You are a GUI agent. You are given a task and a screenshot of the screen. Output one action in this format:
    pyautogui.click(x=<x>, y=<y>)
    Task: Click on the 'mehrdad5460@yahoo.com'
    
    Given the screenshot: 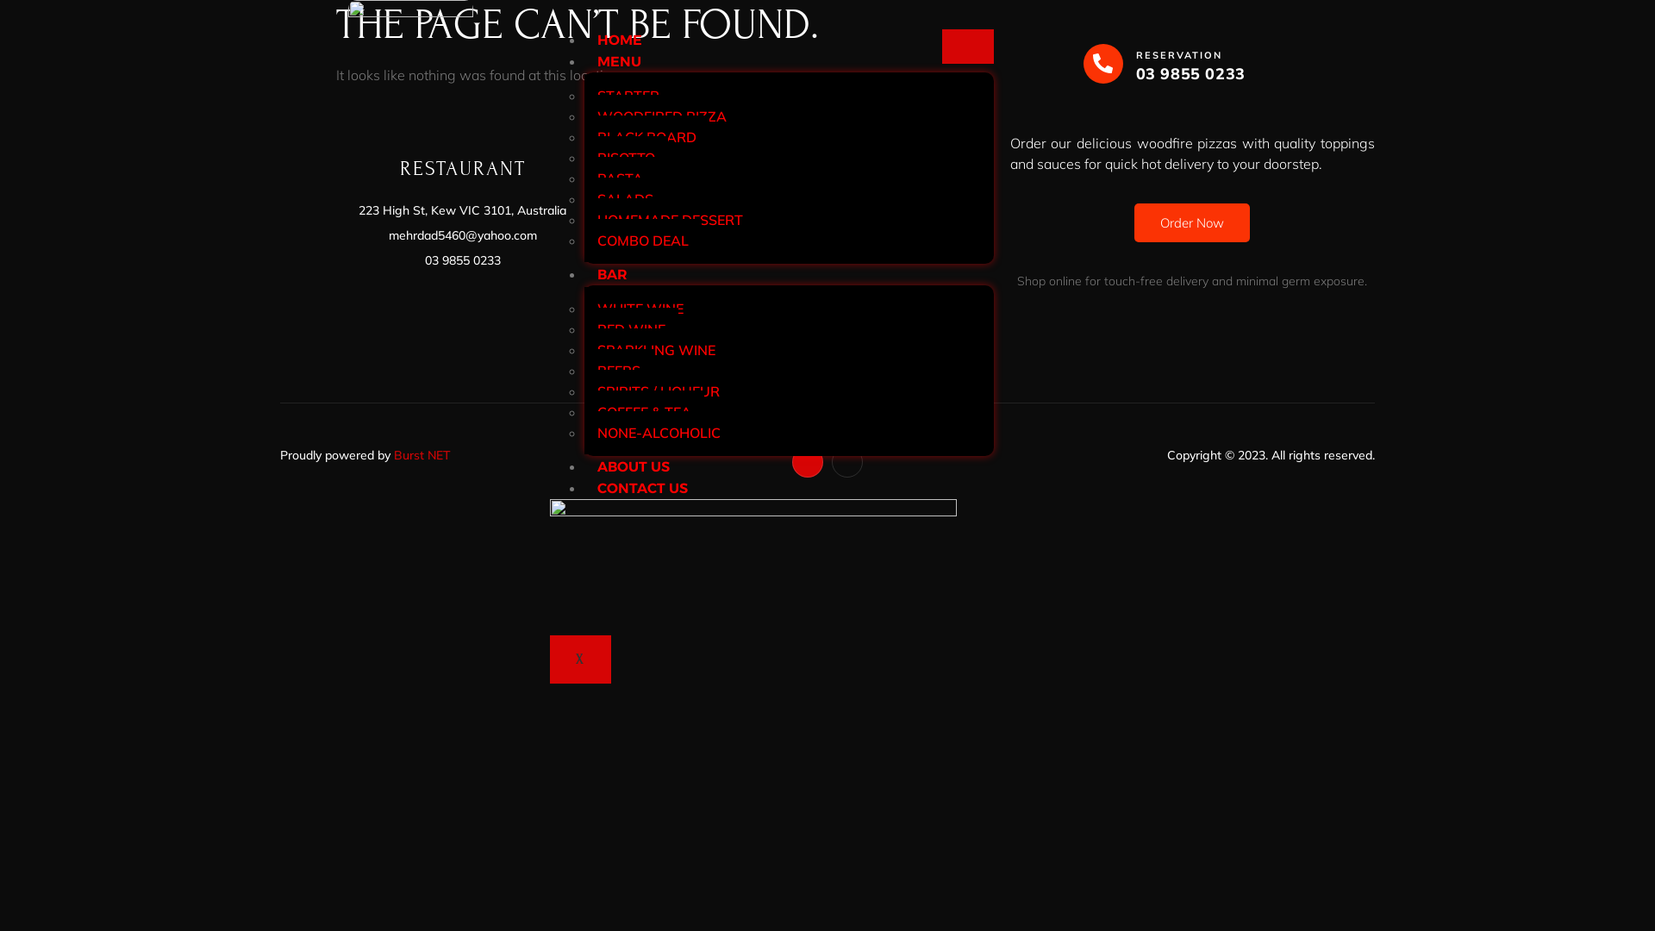 What is the action you would take?
    pyautogui.click(x=462, y=235)
    